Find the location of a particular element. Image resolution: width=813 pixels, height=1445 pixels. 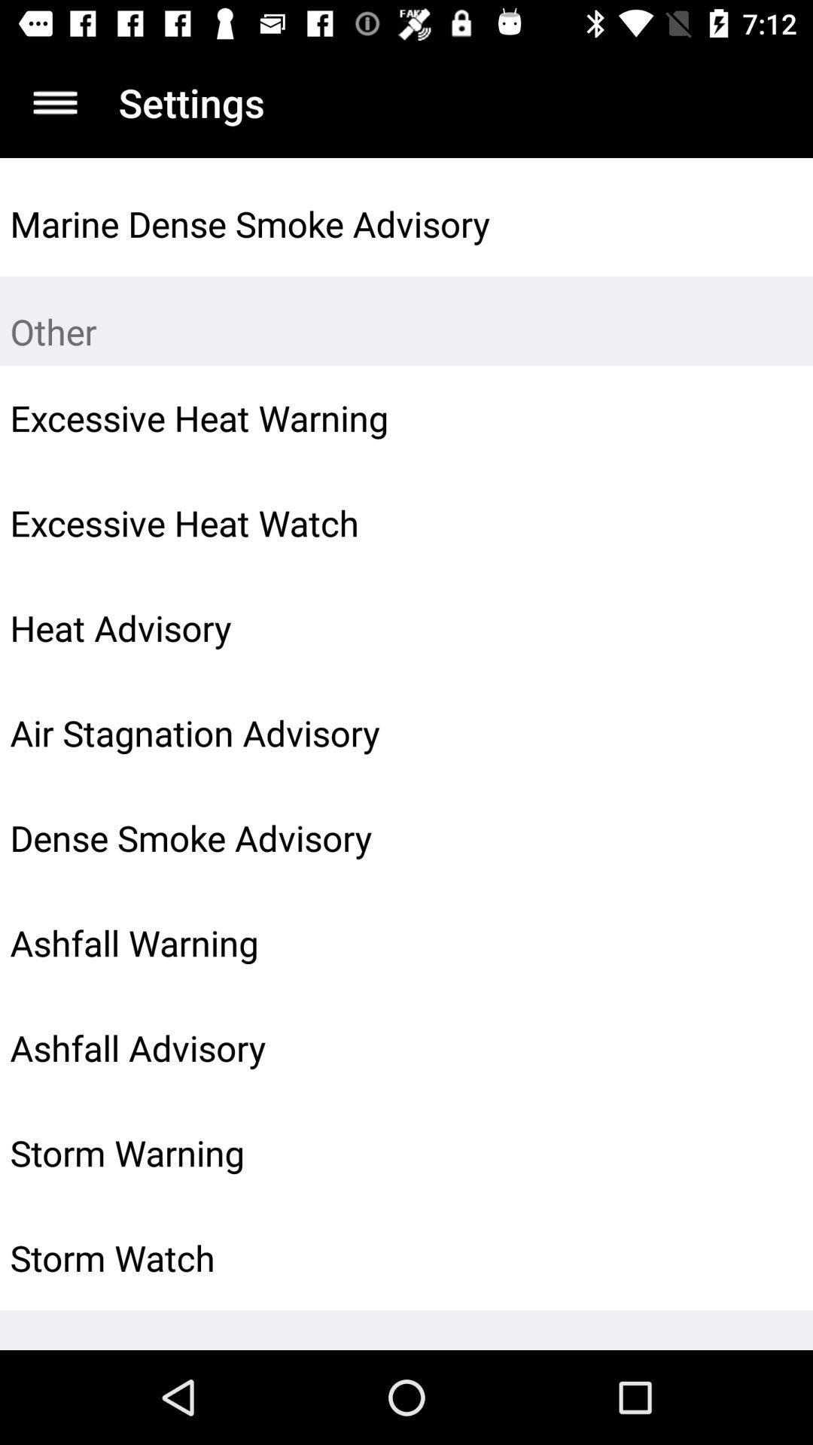

icon next to ashfall advisory icon is located at coordinates (766, 1047).